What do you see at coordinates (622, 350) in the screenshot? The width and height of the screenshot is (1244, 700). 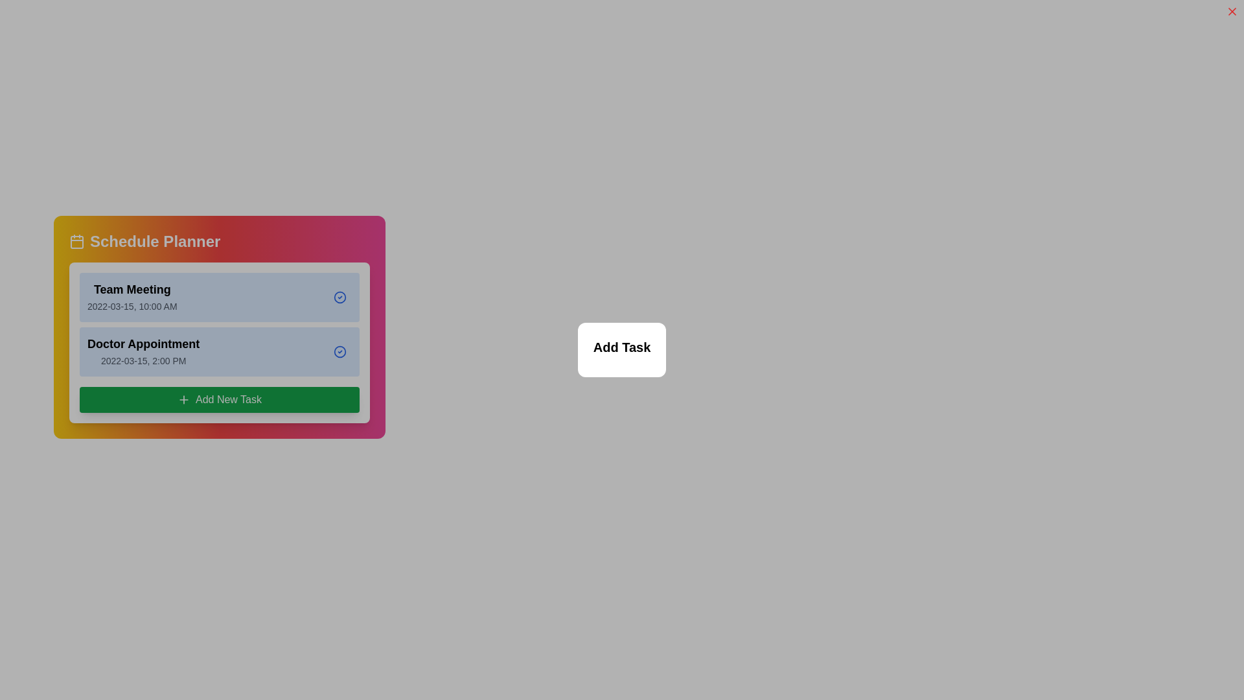 I see `the text display element styled like a button or header label, which indicates the purpose of its surrounding content` at bounding box center [622, 350].